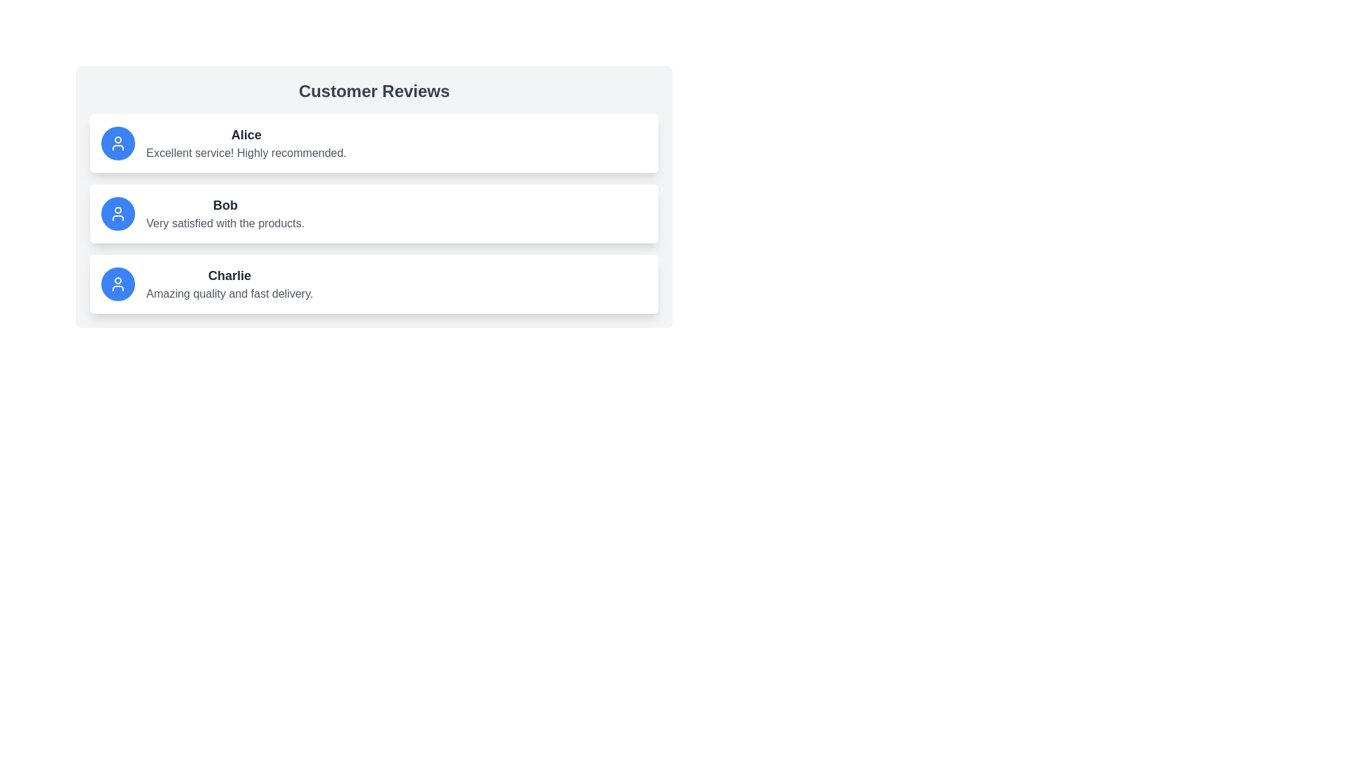 The height and width of the screenshot is (760, 1351). Describe the element at coordinates (229, 276) in the screenshot. I see `the text label representing the name of the person who provided the review, located above the testimonial text 'Amazing quality and fast delivery.'` at that location.